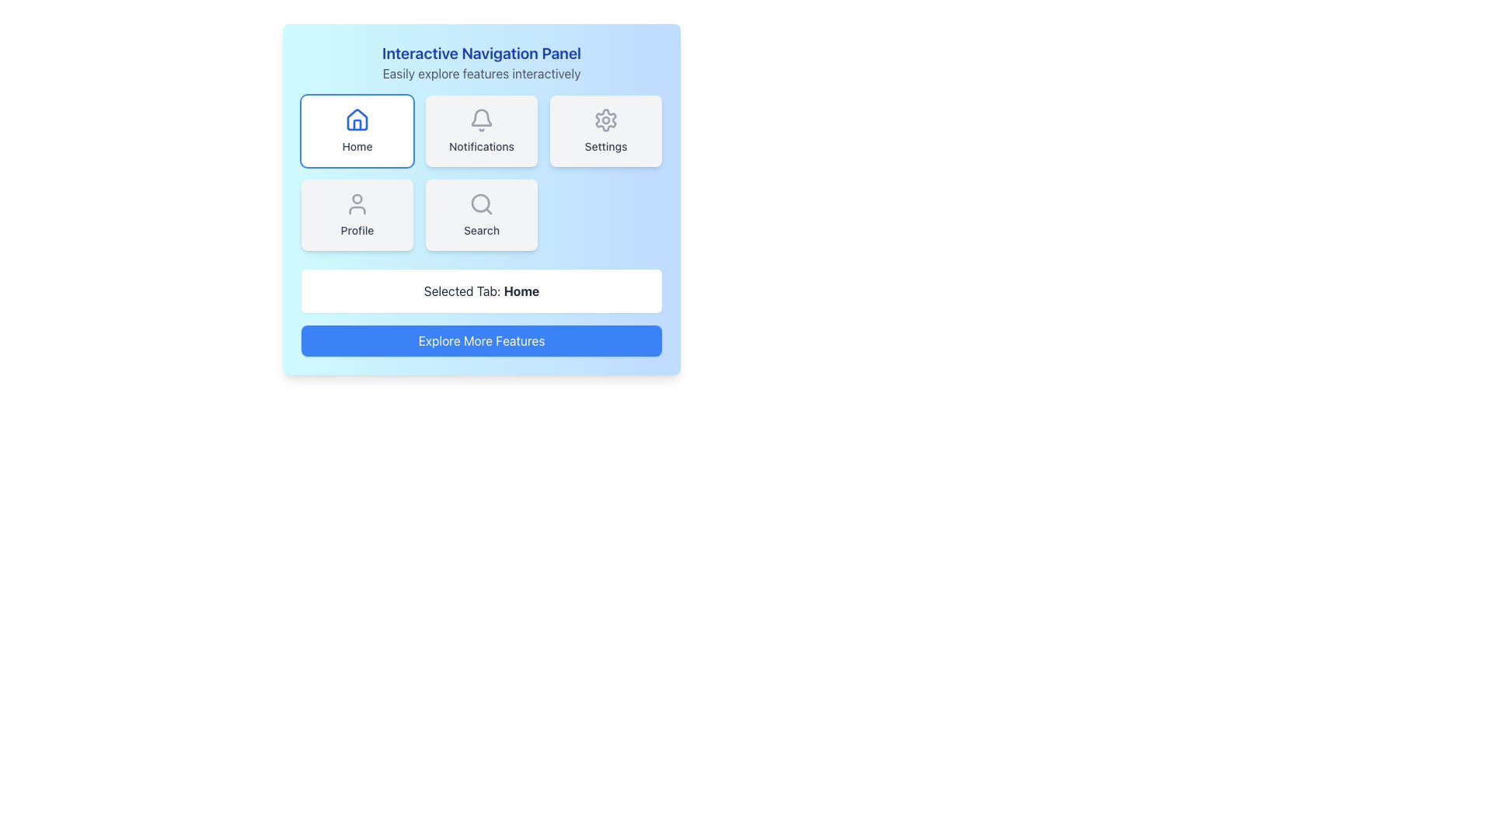 The height and width of the screenshot is (839, 1492). What do you see at coordinates (479, 202) in the screenshot?
I see `decorative circular vector element that is part of the search icon, represented as a magnifying glass, by using developer tools` at bounding box center [479, 202].